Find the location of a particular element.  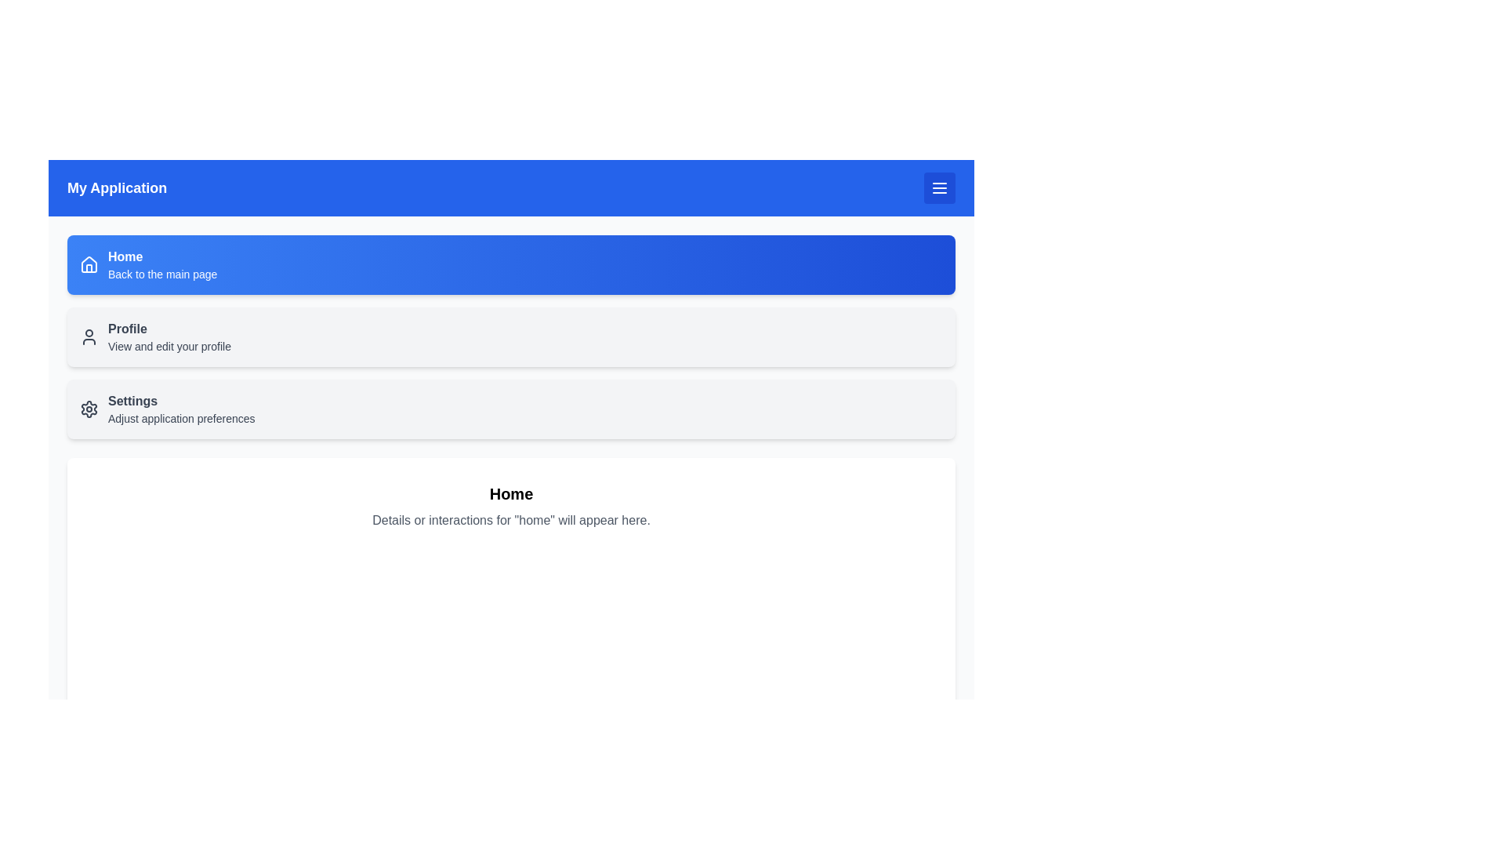

the text label displaying 'Adjust application preferences' located in the 'Settings' section of the sidebar navigation menu is located at coordinates (181, 417).